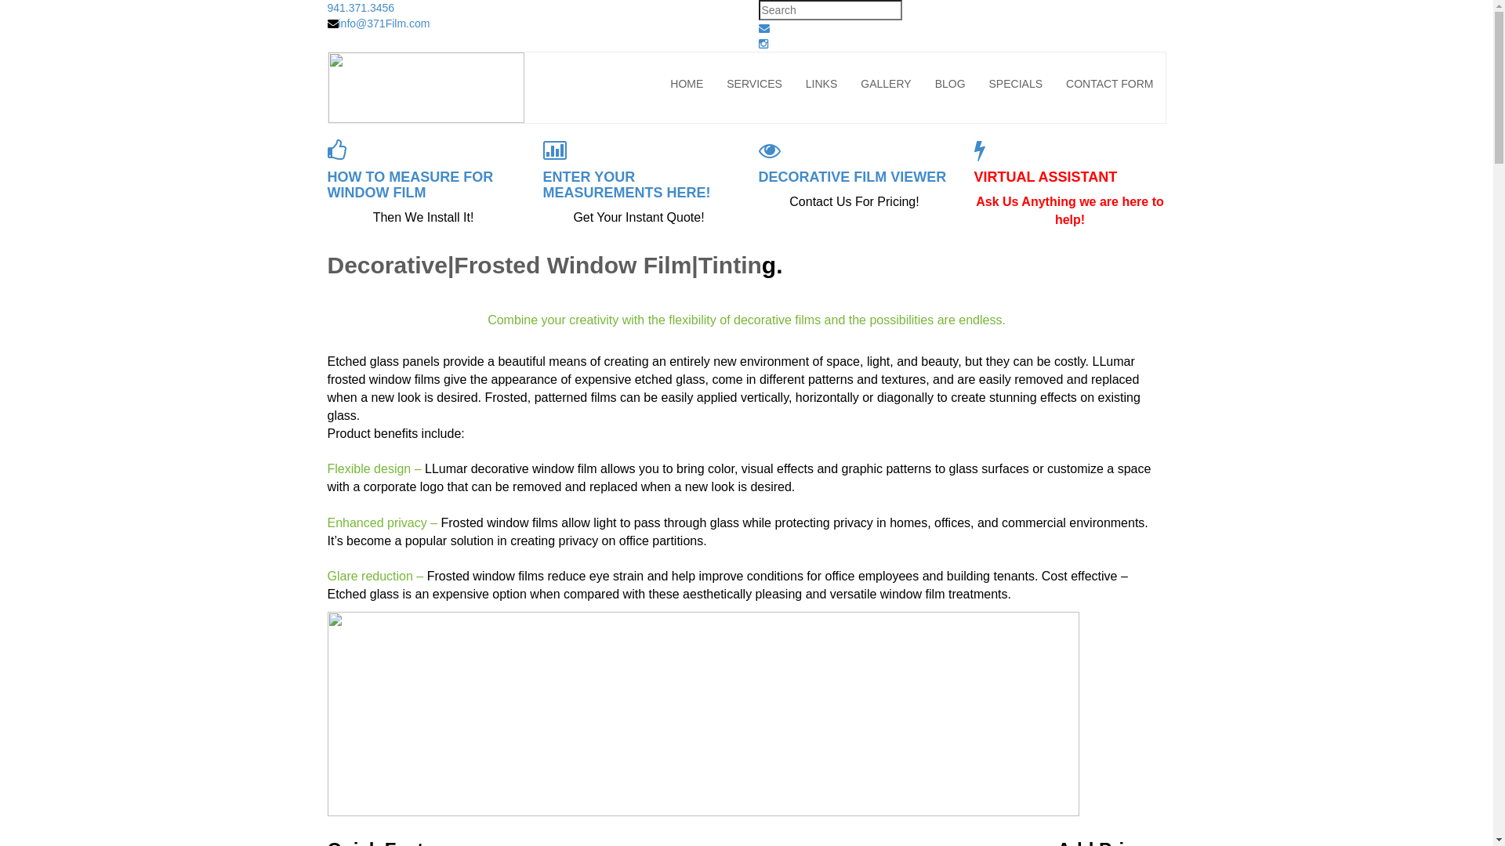 The height and width of the screenshot is (846, 1505). What do you see at coordinates (686, 84) in the screenshot?
I see `'HOME'` at bounding box center [686, 84].